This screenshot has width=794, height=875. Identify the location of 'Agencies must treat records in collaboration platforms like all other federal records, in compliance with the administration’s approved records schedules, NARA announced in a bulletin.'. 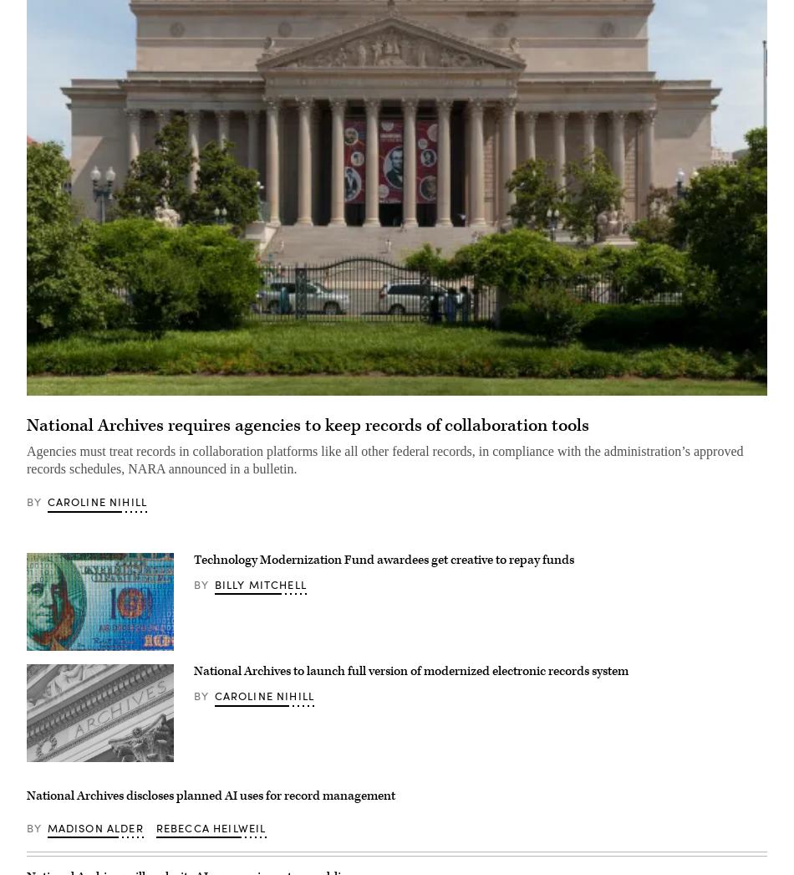
(384, 458).